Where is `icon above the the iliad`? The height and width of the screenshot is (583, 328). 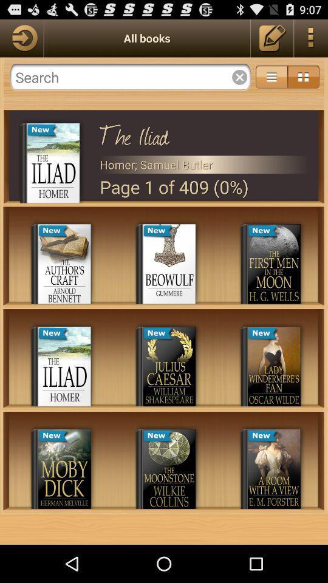
icon above the the iliad is located at coordinates (272, 77).